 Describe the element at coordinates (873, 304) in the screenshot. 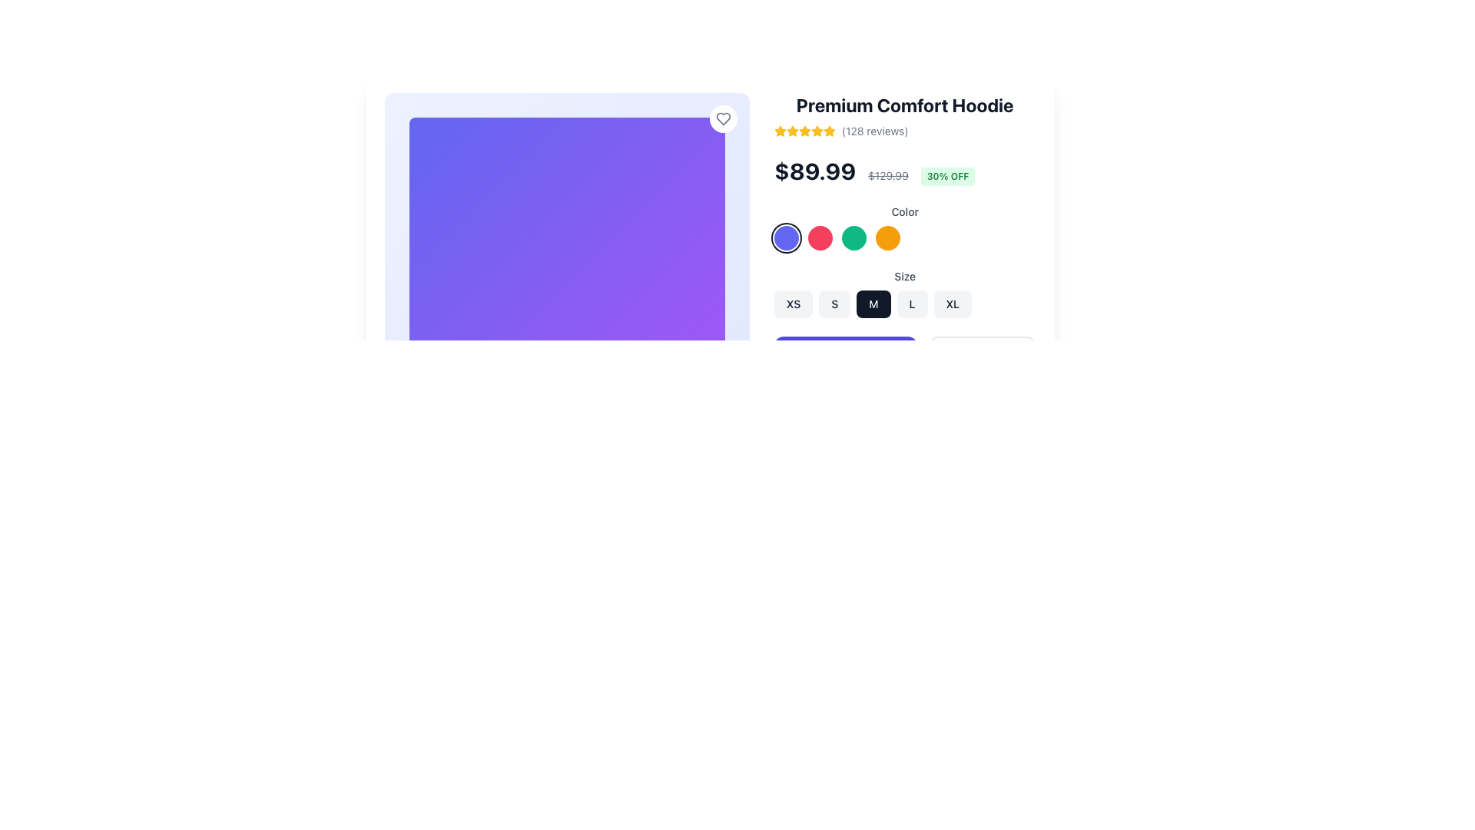

I see `the button` at that location.